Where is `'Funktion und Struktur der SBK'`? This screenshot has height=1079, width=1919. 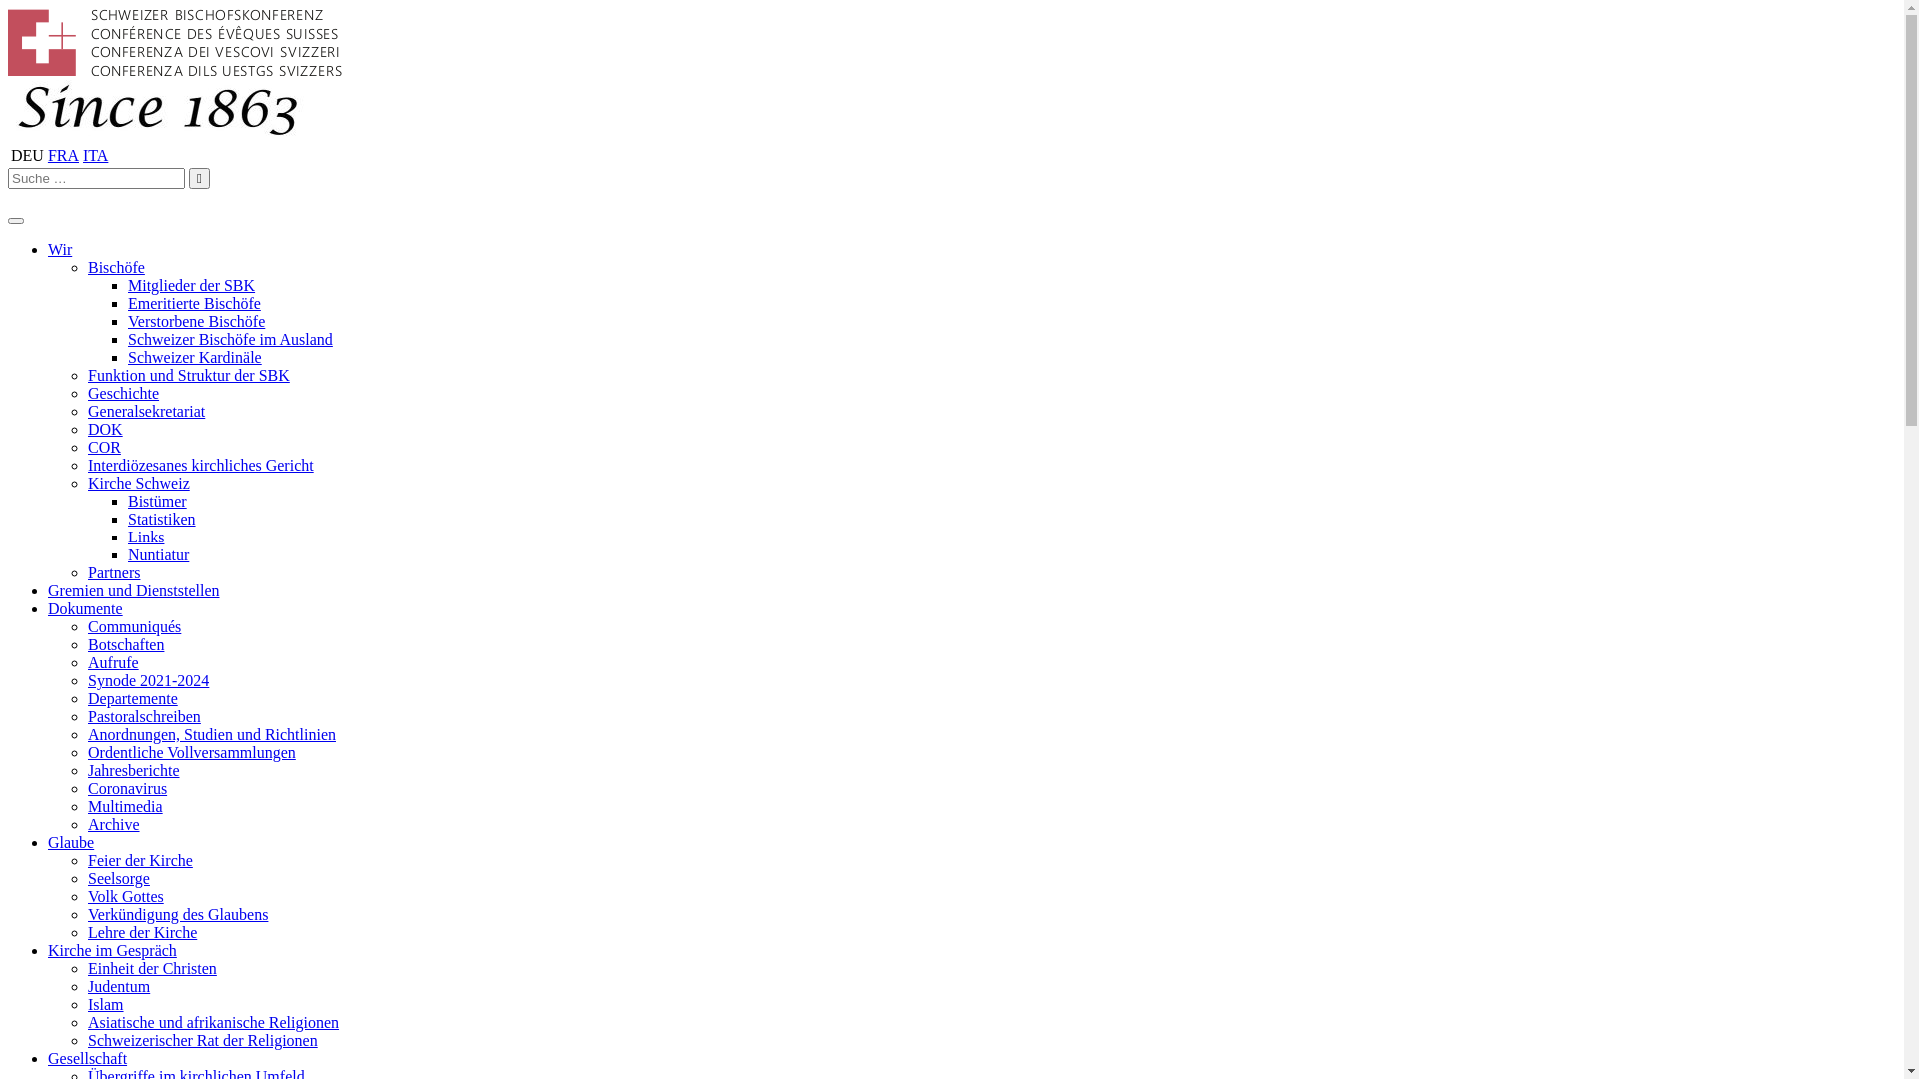
'Funktion und Struktur der SBK' is located at coordinates (188, 375).